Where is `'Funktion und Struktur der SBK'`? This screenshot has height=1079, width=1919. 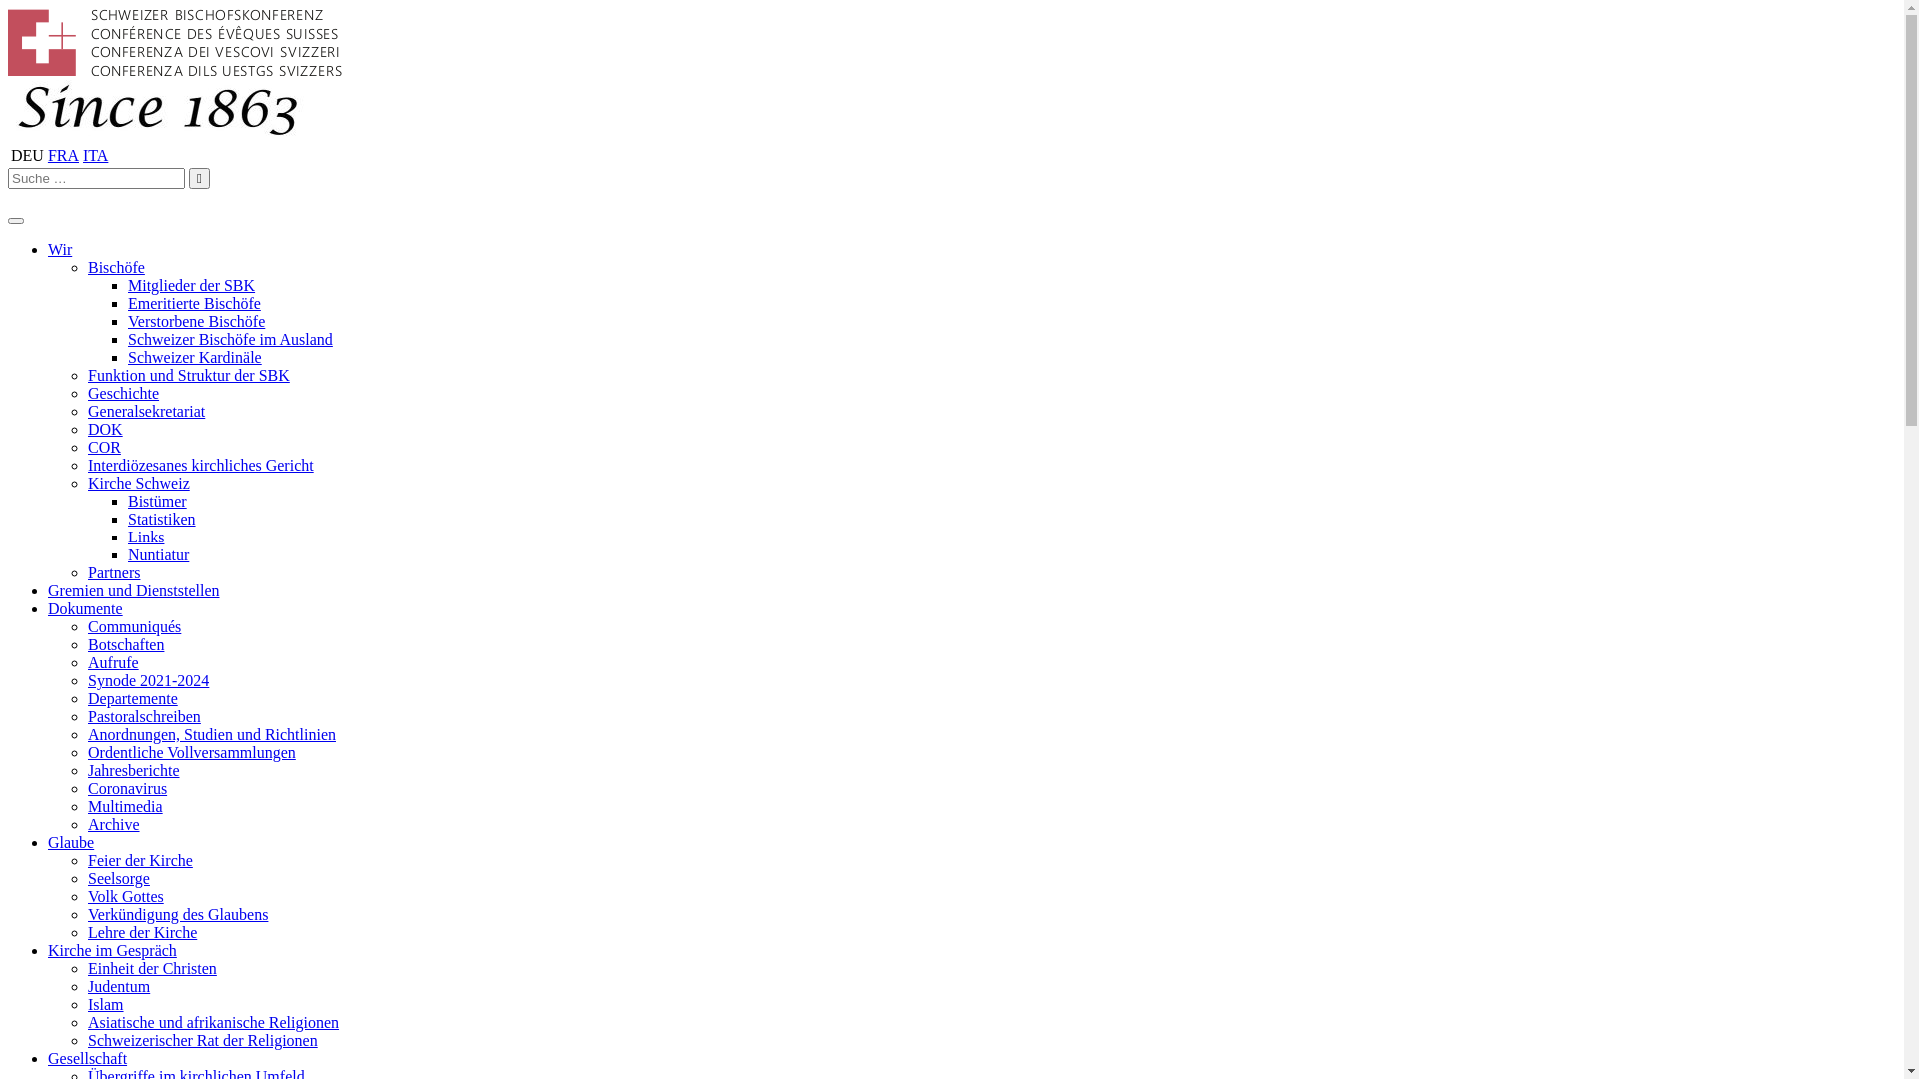
'Funktion und Struktur der SBK' is located at coordinates (188, 375).